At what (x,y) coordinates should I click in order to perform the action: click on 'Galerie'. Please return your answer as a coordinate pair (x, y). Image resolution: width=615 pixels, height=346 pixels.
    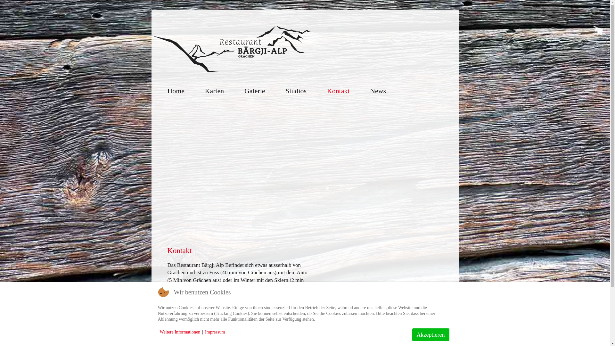
    Looking at the image, I should click on (254, 91).